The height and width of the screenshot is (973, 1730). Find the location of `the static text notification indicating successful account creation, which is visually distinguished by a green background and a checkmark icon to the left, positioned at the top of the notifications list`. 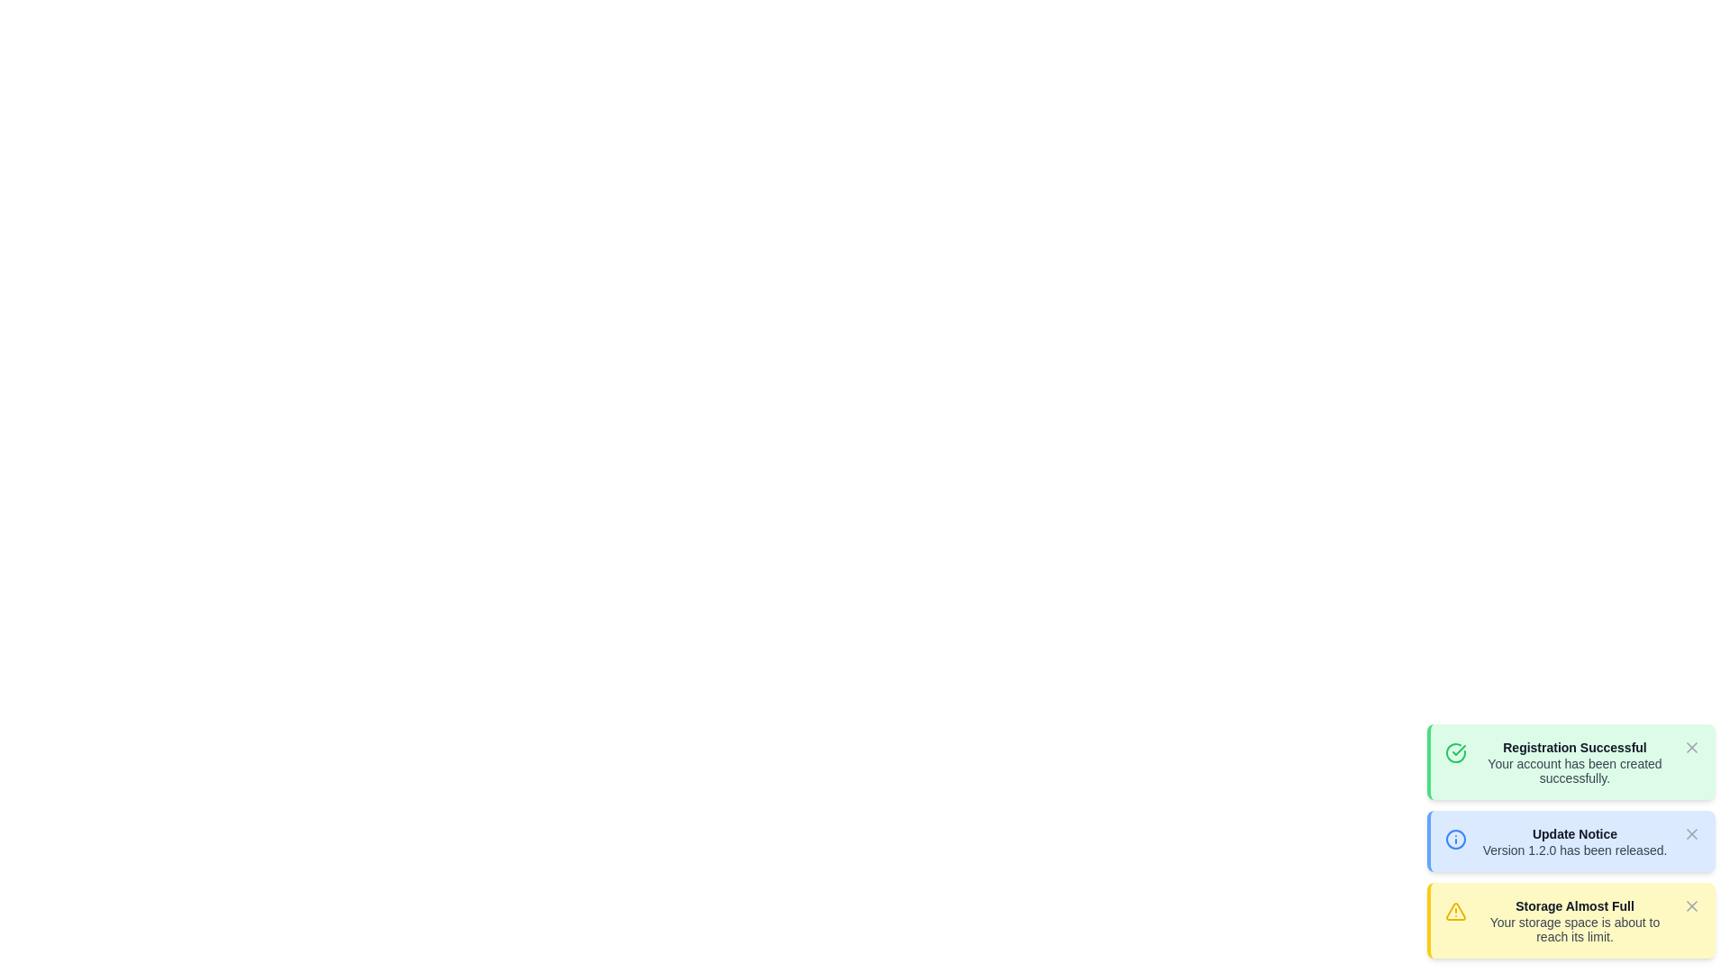

the static text notification indicating successful account creation, which is visually distinguished by a green background and a checkmark icon to the left, positioned at the top of the notifications list is located at coordinates (1573, 761).